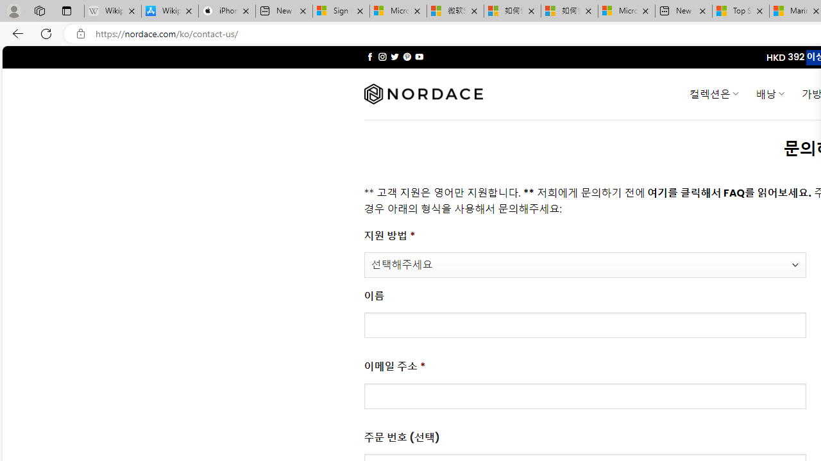 The image size is (821, 461). I want to click on 'Back', so click(15, 33).